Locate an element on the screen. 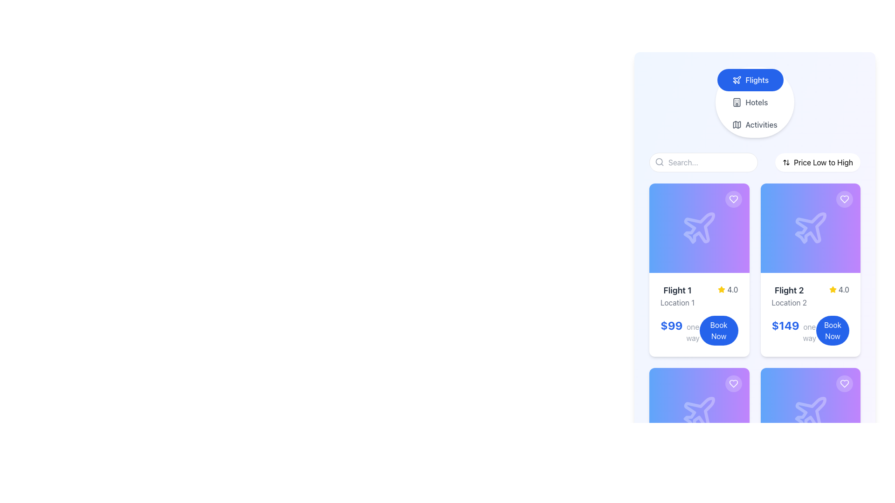 This screenshot has height=503, width=895. the price display element showing '$149' in bold blue text, located under the 'Flight 2' title in the second column of the grid layout is located at coordinates (793, 330).